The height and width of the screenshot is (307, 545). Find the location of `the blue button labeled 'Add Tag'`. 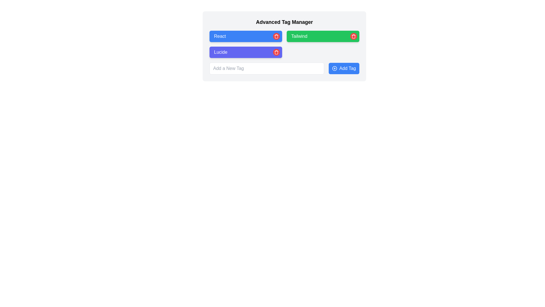

the blue button labeled 'Add Tag' is located at coordinates (343, 68).